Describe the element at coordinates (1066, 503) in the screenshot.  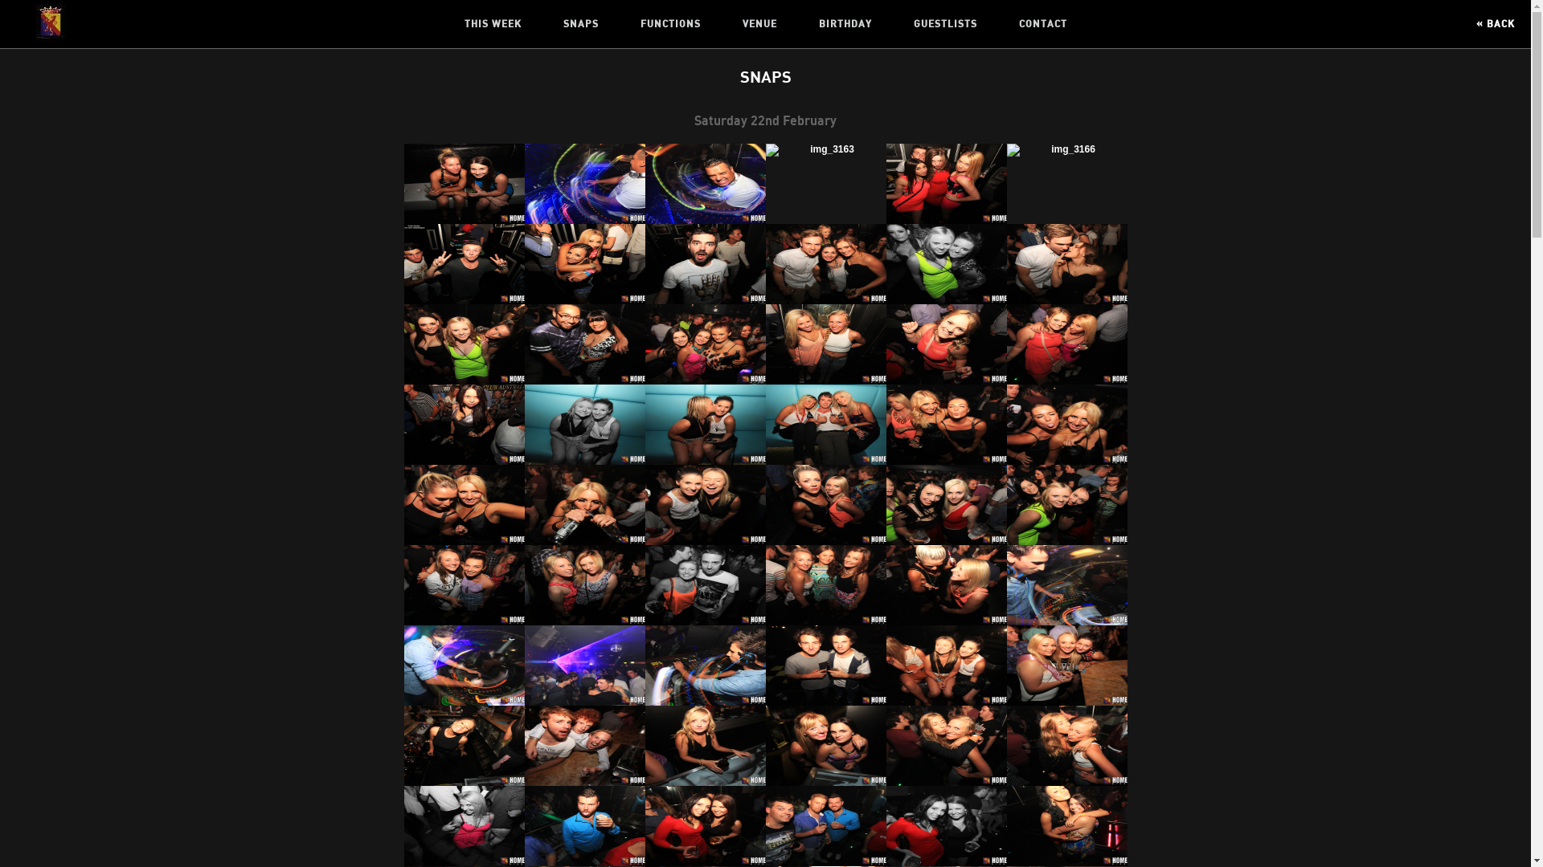
I see `' '` at that location.